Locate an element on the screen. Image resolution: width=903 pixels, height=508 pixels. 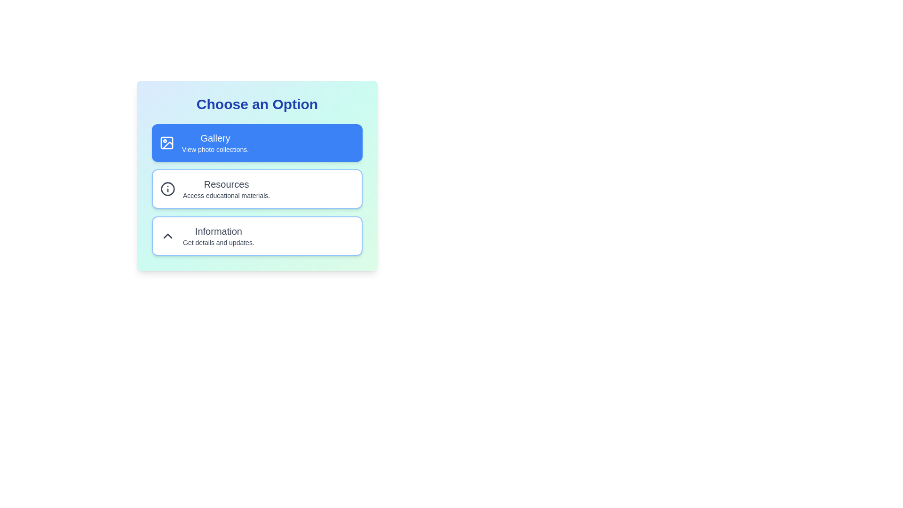
the 'Resources' button that displays two lines of text: 'Resources' in bold and 'Access educational materials.' in a smaller font, located in the center of a card-like interface below 'Gallery' and above 'Information' is located at coordinates (226, 189).